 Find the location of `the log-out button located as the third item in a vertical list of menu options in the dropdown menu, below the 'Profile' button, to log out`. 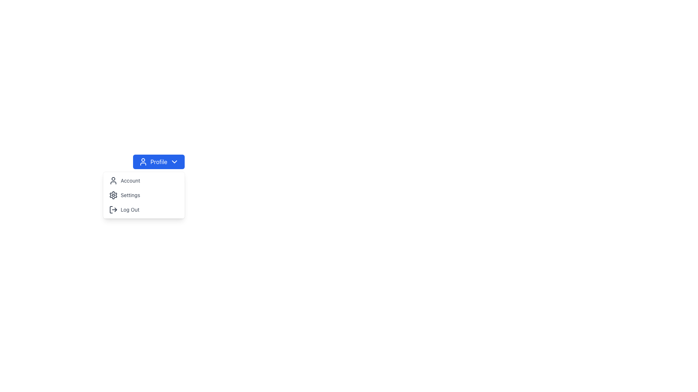

the log-out button located as the third item in a vertical list of menu options in the dropdown menu, below the 'Profile' button, to log out is located at coordinates (144, 210).